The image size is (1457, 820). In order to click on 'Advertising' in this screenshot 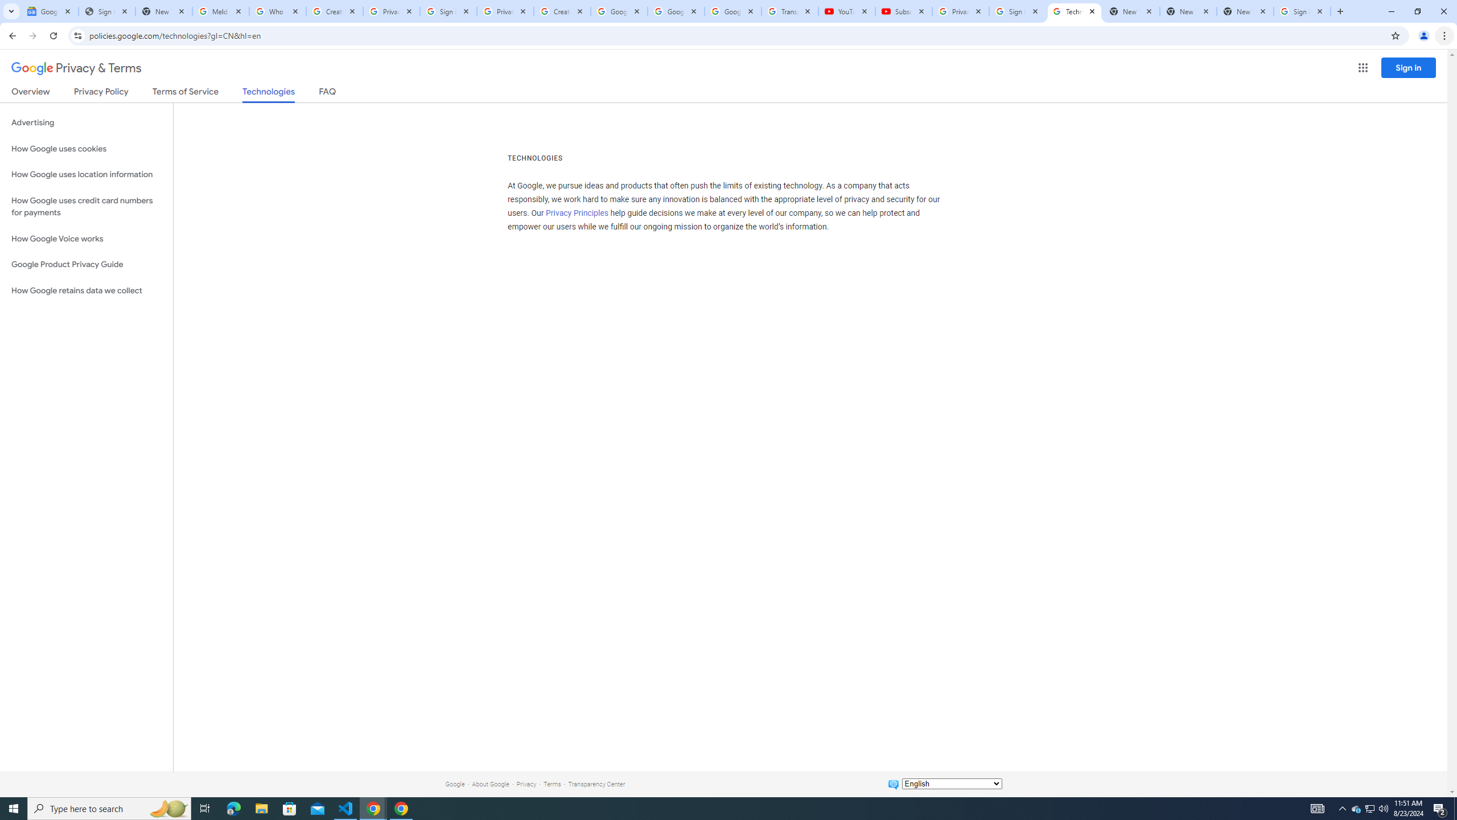, I will do `click(86, 122)`.